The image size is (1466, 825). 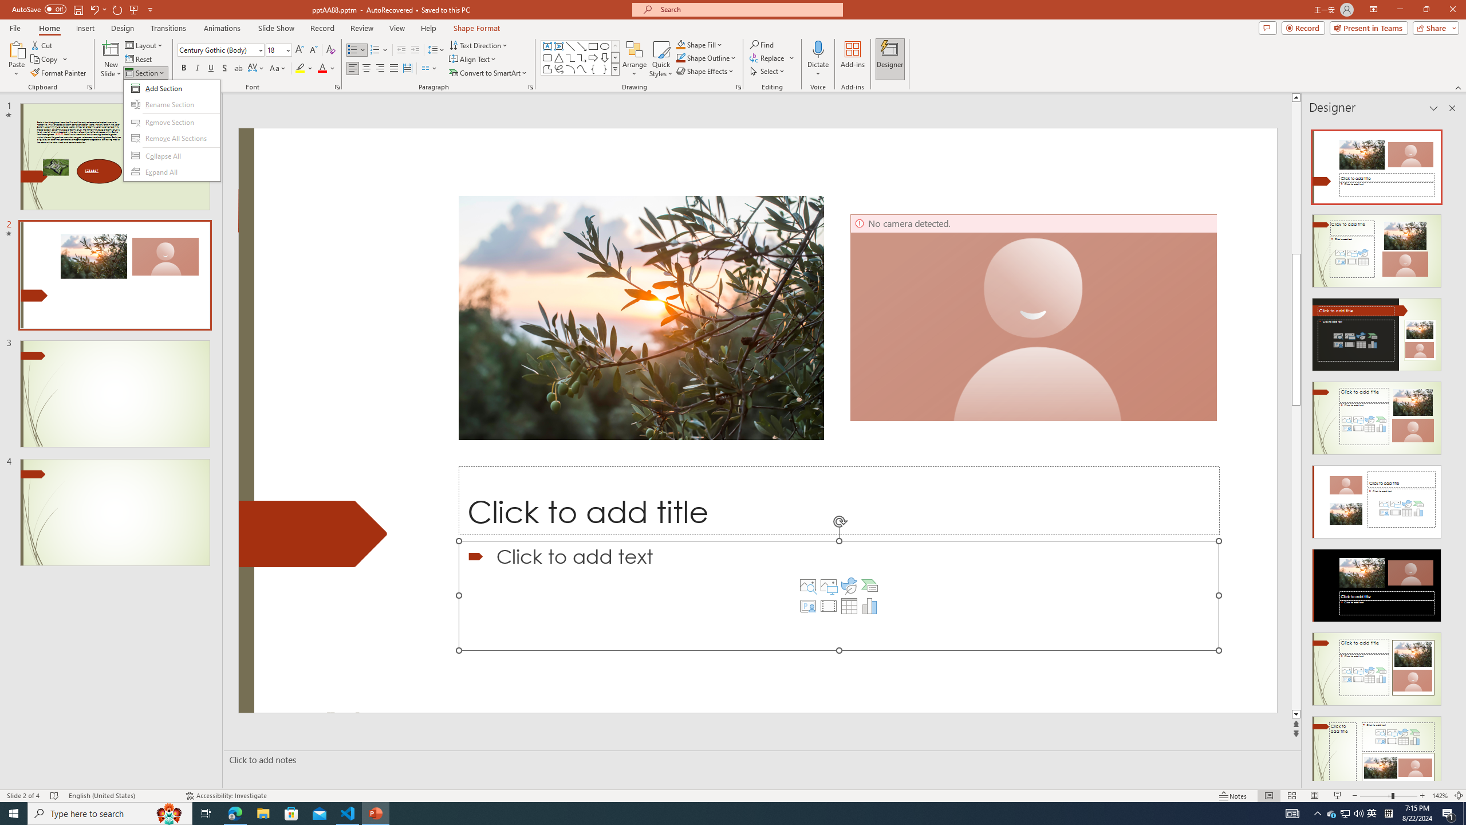 What do you see at coordinates (870, 586) in the screenshot?
I see `'Insert a SmartArt Graphic'` at bounding box center [870, 586].